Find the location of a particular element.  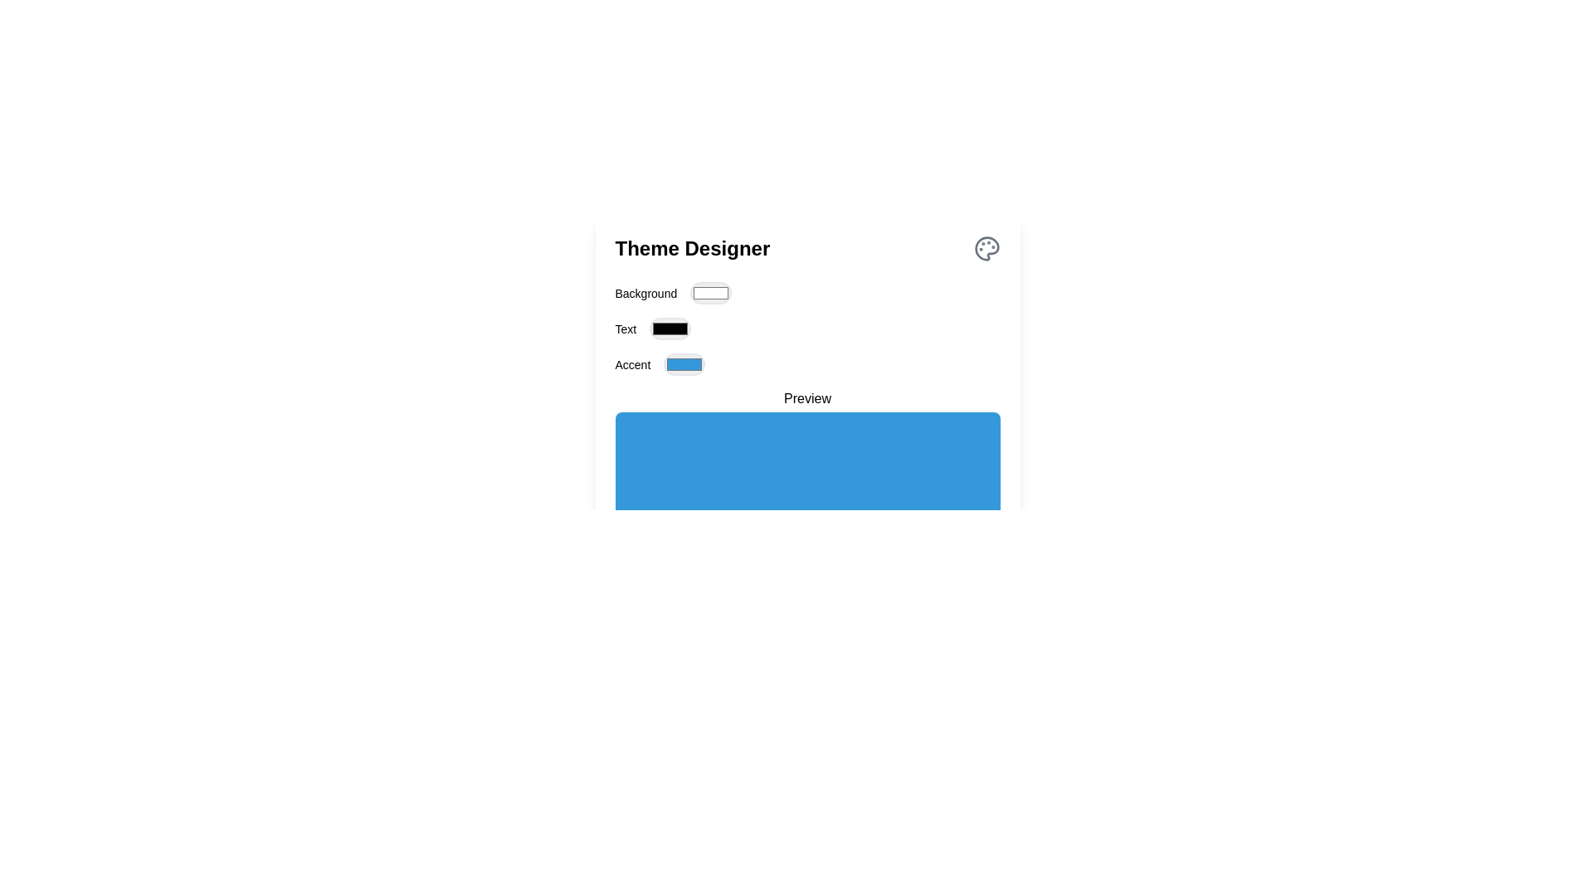

the theme customization icon located in the upper-right corner of the 'Theme Designer' section is located at coordinates (986, 249).